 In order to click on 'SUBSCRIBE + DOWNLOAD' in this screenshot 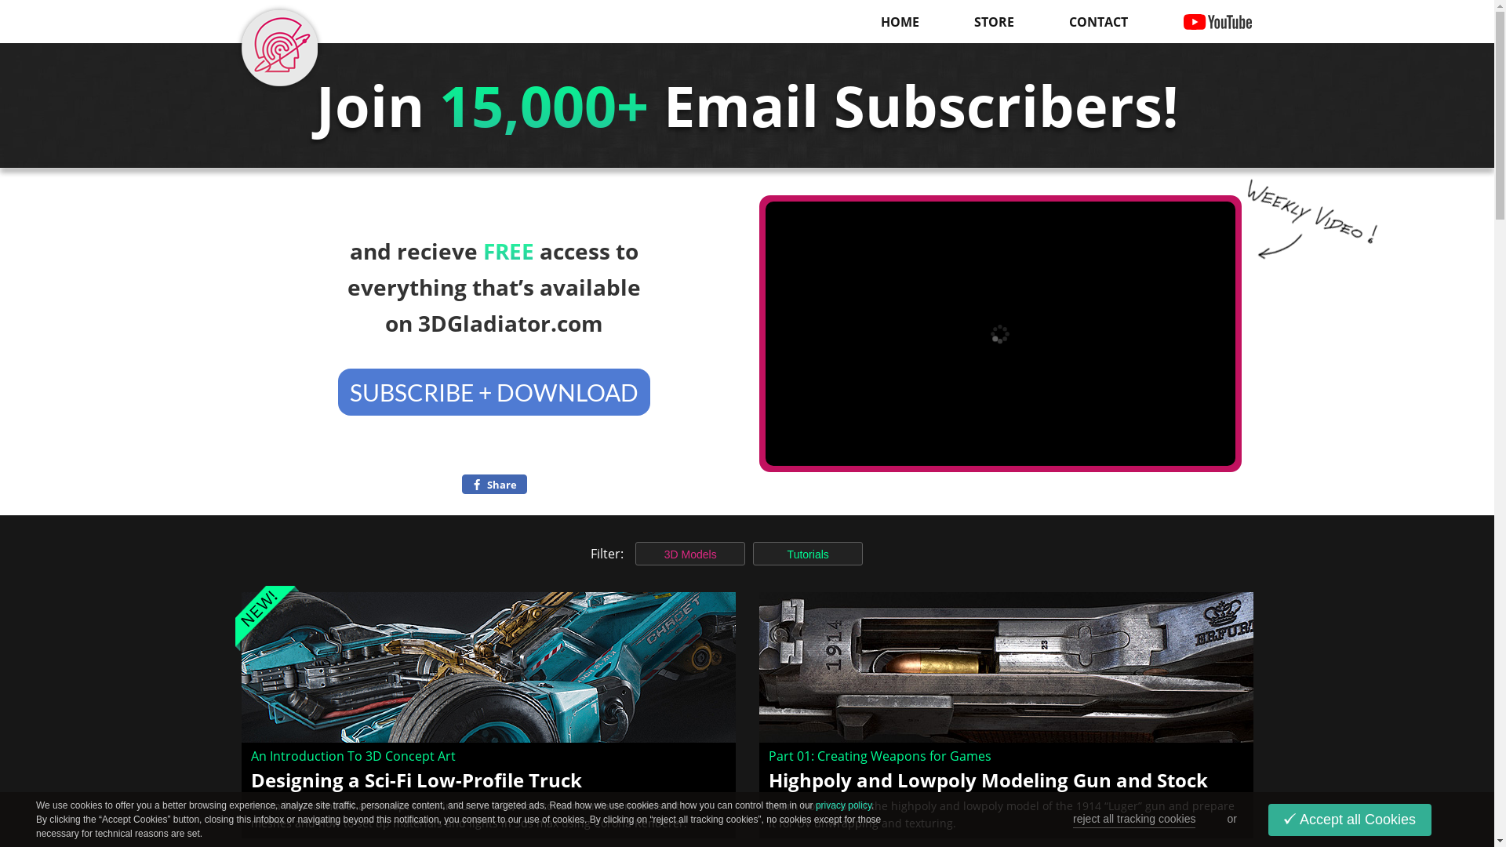, I will do `click(493, 391)`.